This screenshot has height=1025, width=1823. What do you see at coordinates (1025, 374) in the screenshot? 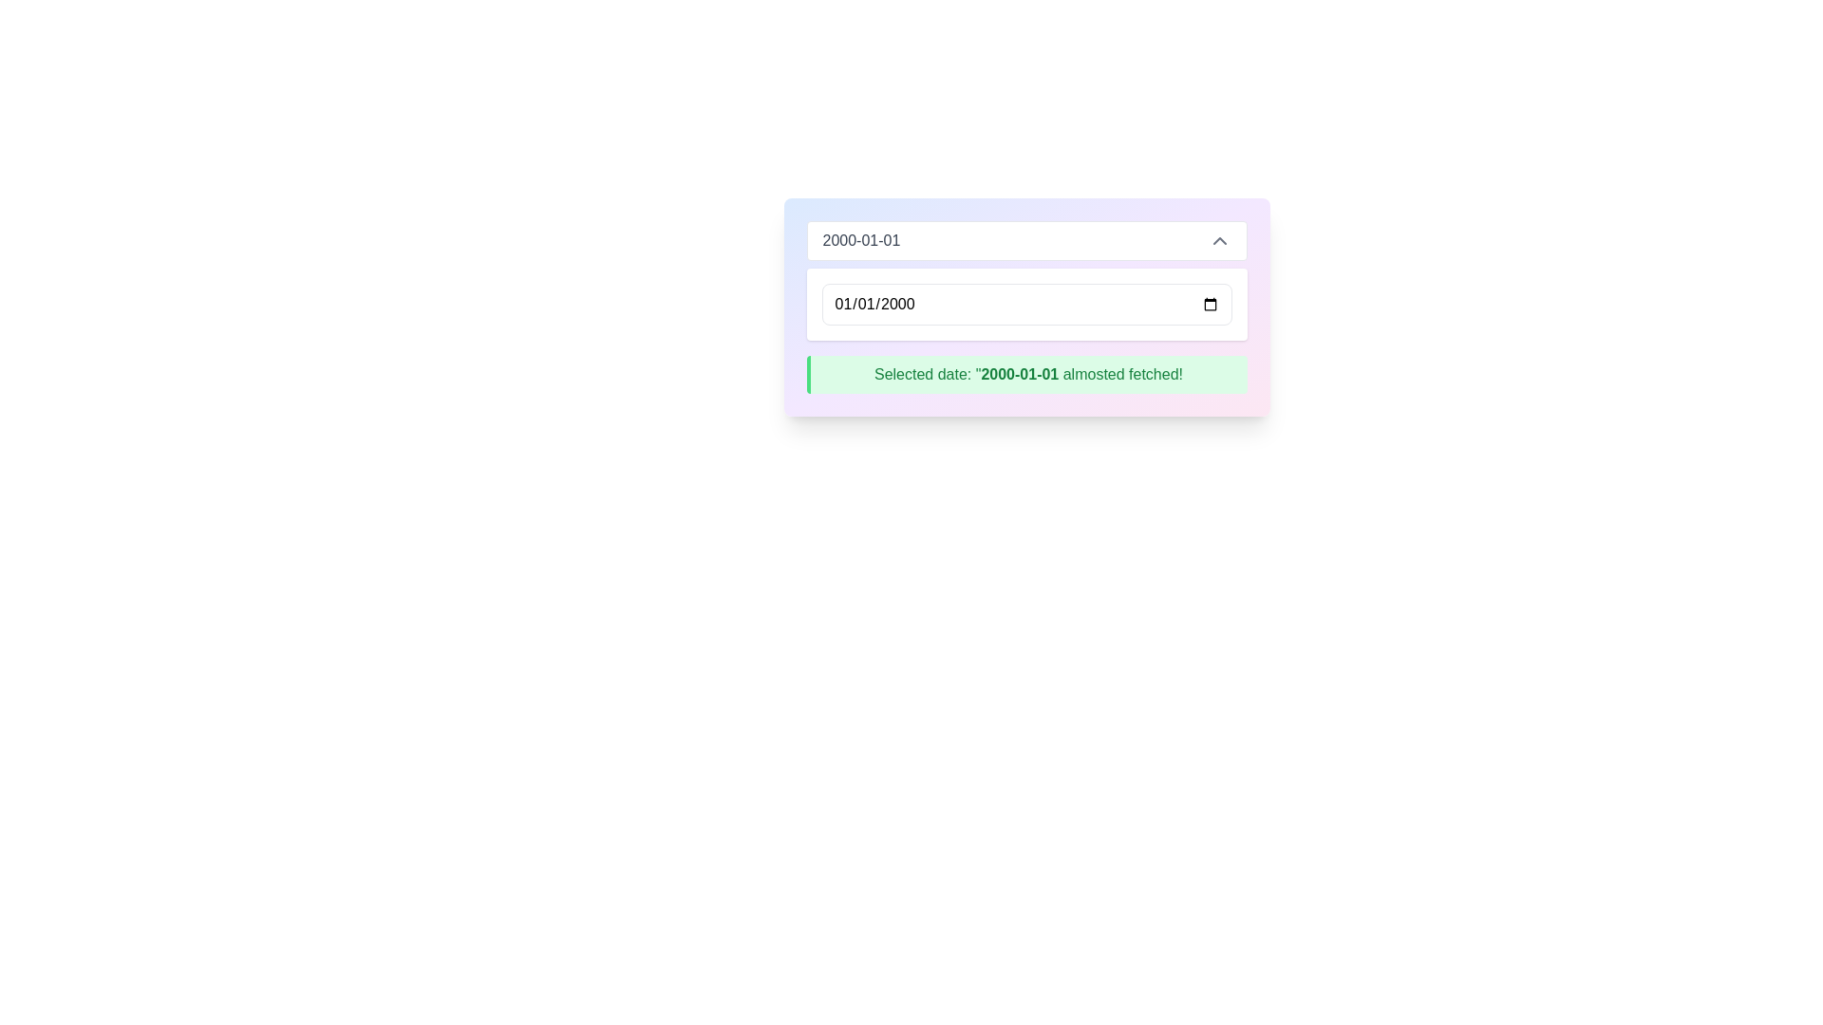
I see `the rectangular notification box with a green background that displays the message 'Selected date: "2000-01-01 almosted fetched!"' and has a dark green left border` at bounding box center [1025, 374].